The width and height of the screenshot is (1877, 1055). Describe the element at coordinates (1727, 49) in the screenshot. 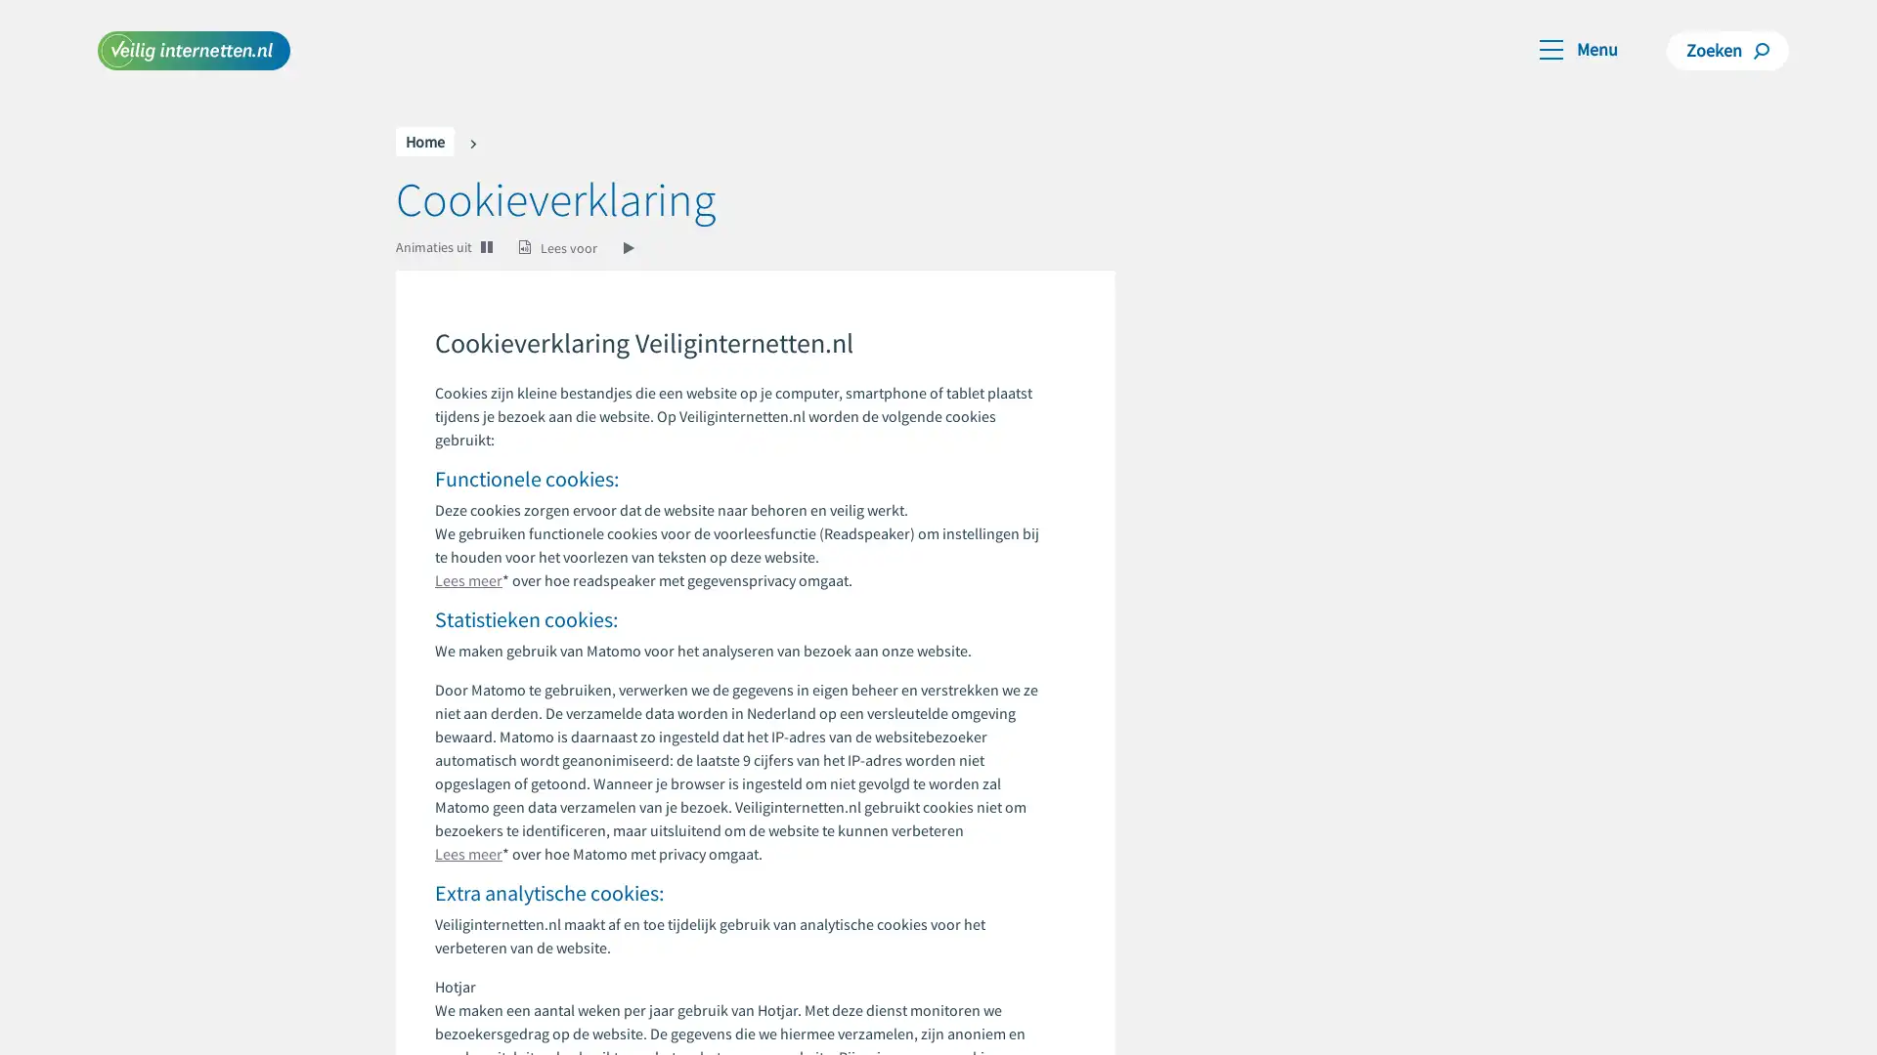

I see `Zoeken Zoeken` at that location.